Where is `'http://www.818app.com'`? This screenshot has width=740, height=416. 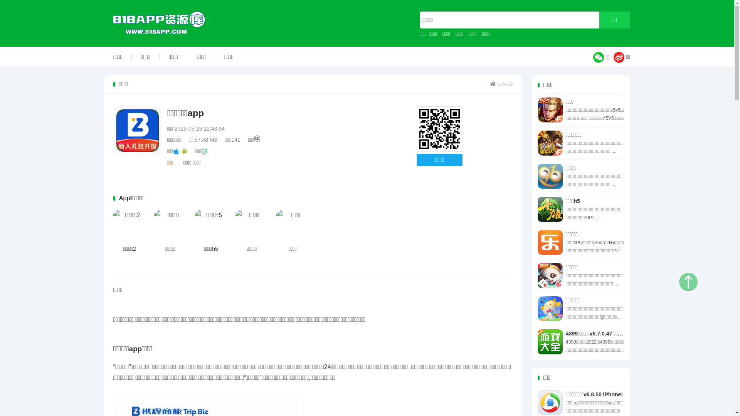
'http://www.818app.com' is located at coordinates (439, 129).